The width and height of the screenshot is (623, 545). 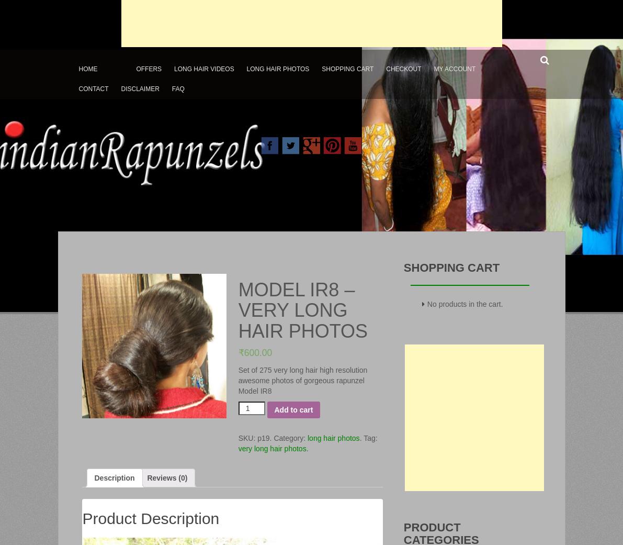 What do you see at coordinates (403, 69) in the screenshot?
I see `'Checkout'` at bounding box center [403, 69].